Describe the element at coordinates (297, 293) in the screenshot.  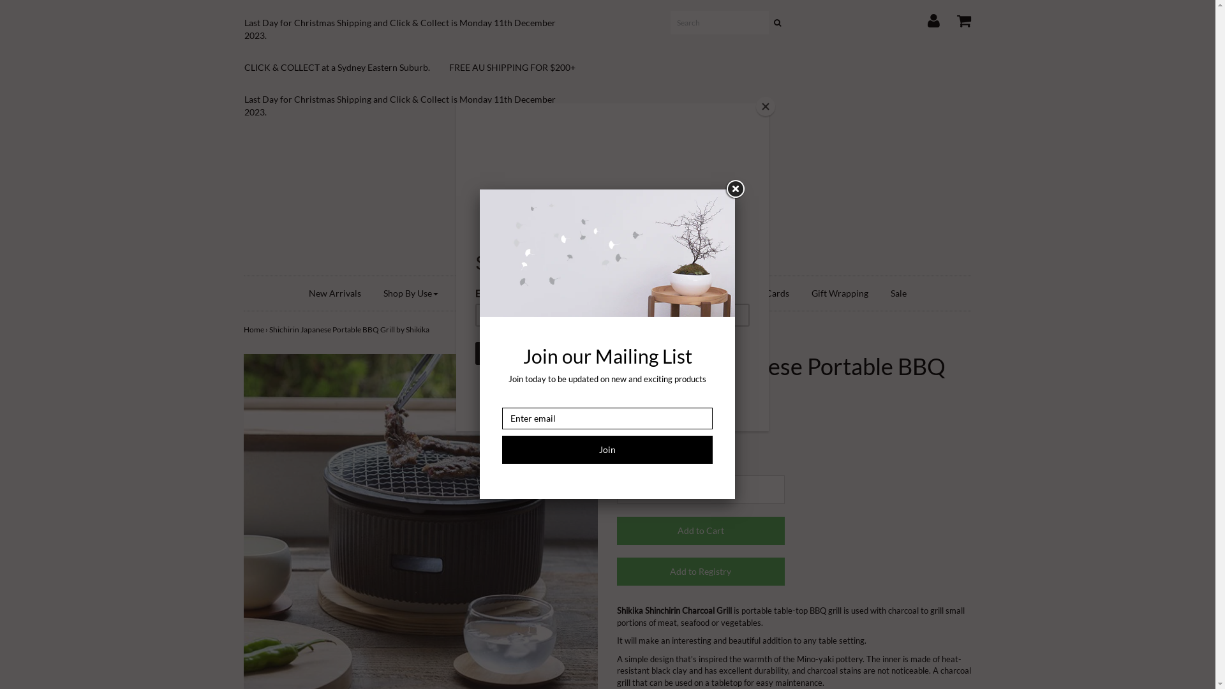
I see `'New Arrivals'` at that location.